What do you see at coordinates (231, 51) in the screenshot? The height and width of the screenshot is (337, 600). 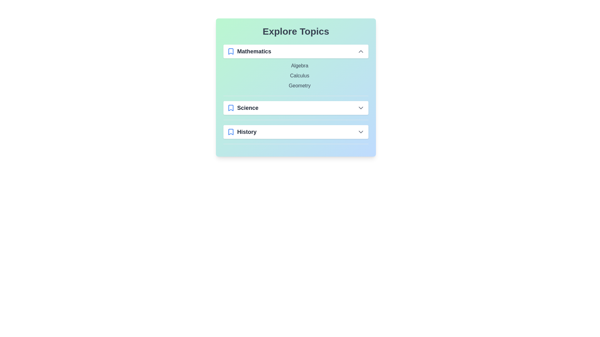 I see `the bookmark icon for the Mathematics category` at bounding box center [231, 51].